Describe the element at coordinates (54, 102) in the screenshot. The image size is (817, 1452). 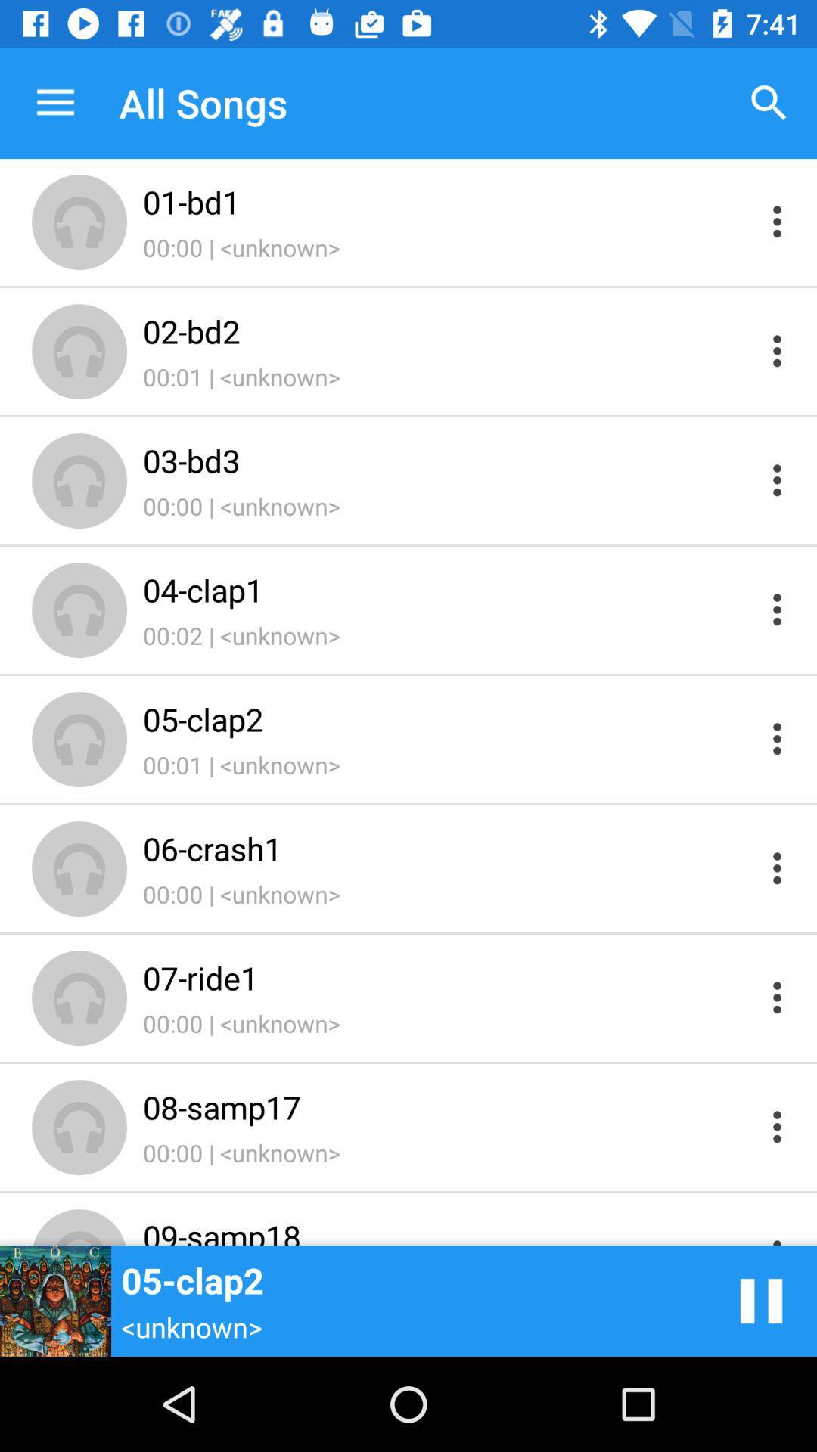
I see `the item to the left of the all songs item` at that location.